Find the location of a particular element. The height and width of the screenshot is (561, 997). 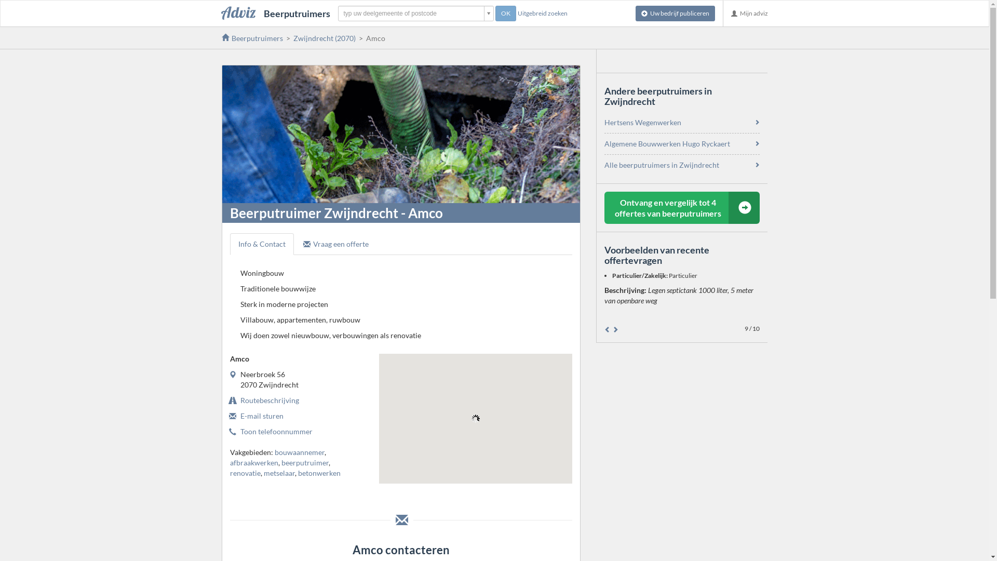

'renovatie' is located at coordinates (228, 473).